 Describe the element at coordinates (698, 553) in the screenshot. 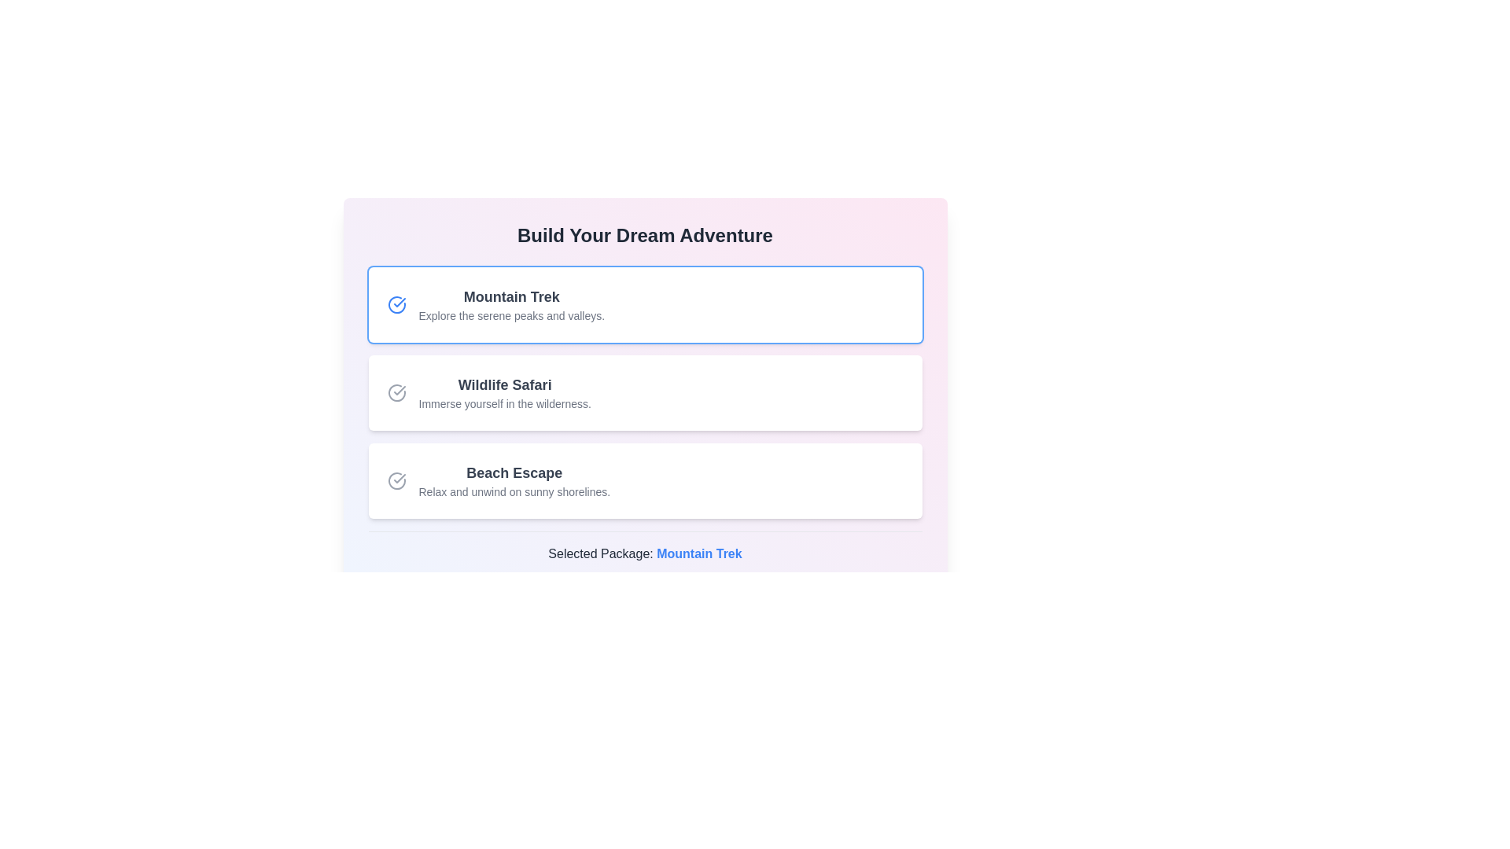

I see `the 'Selected Package' text label that displays the name of the selected package, located in the lower region of the interface, to the right of the 'Selected Package' label` at that location.